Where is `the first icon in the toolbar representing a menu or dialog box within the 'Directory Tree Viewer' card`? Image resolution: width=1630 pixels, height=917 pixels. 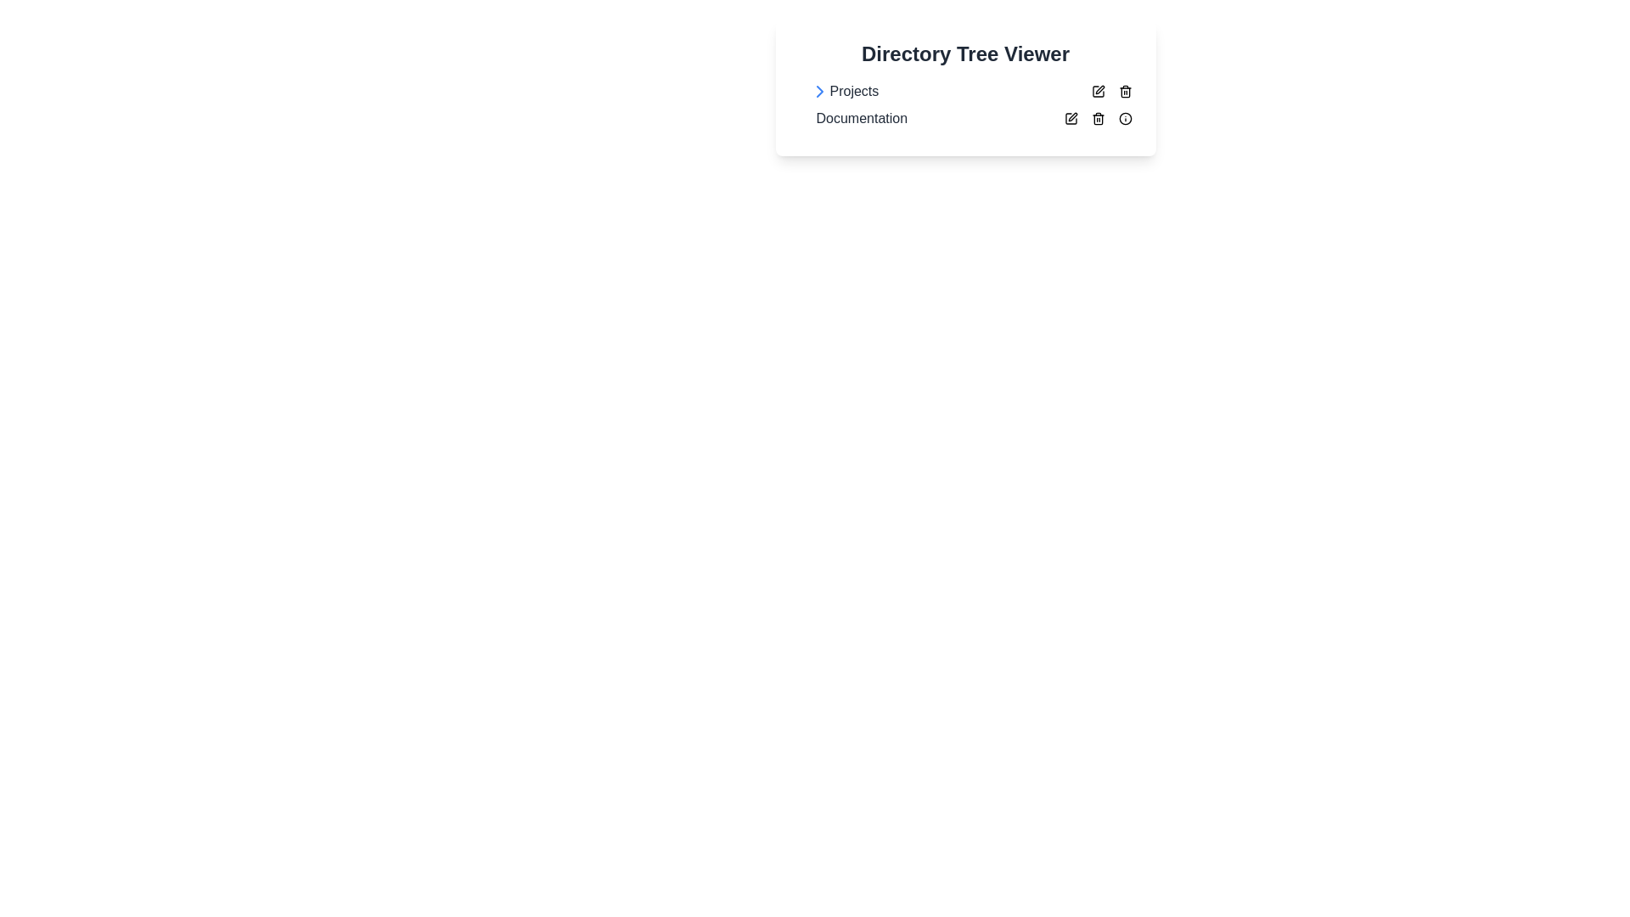
the first icon in the toolbar representing a menu or dialog box within the 'Directory Tree Viewer' card is located at coordinates (1070, 117).